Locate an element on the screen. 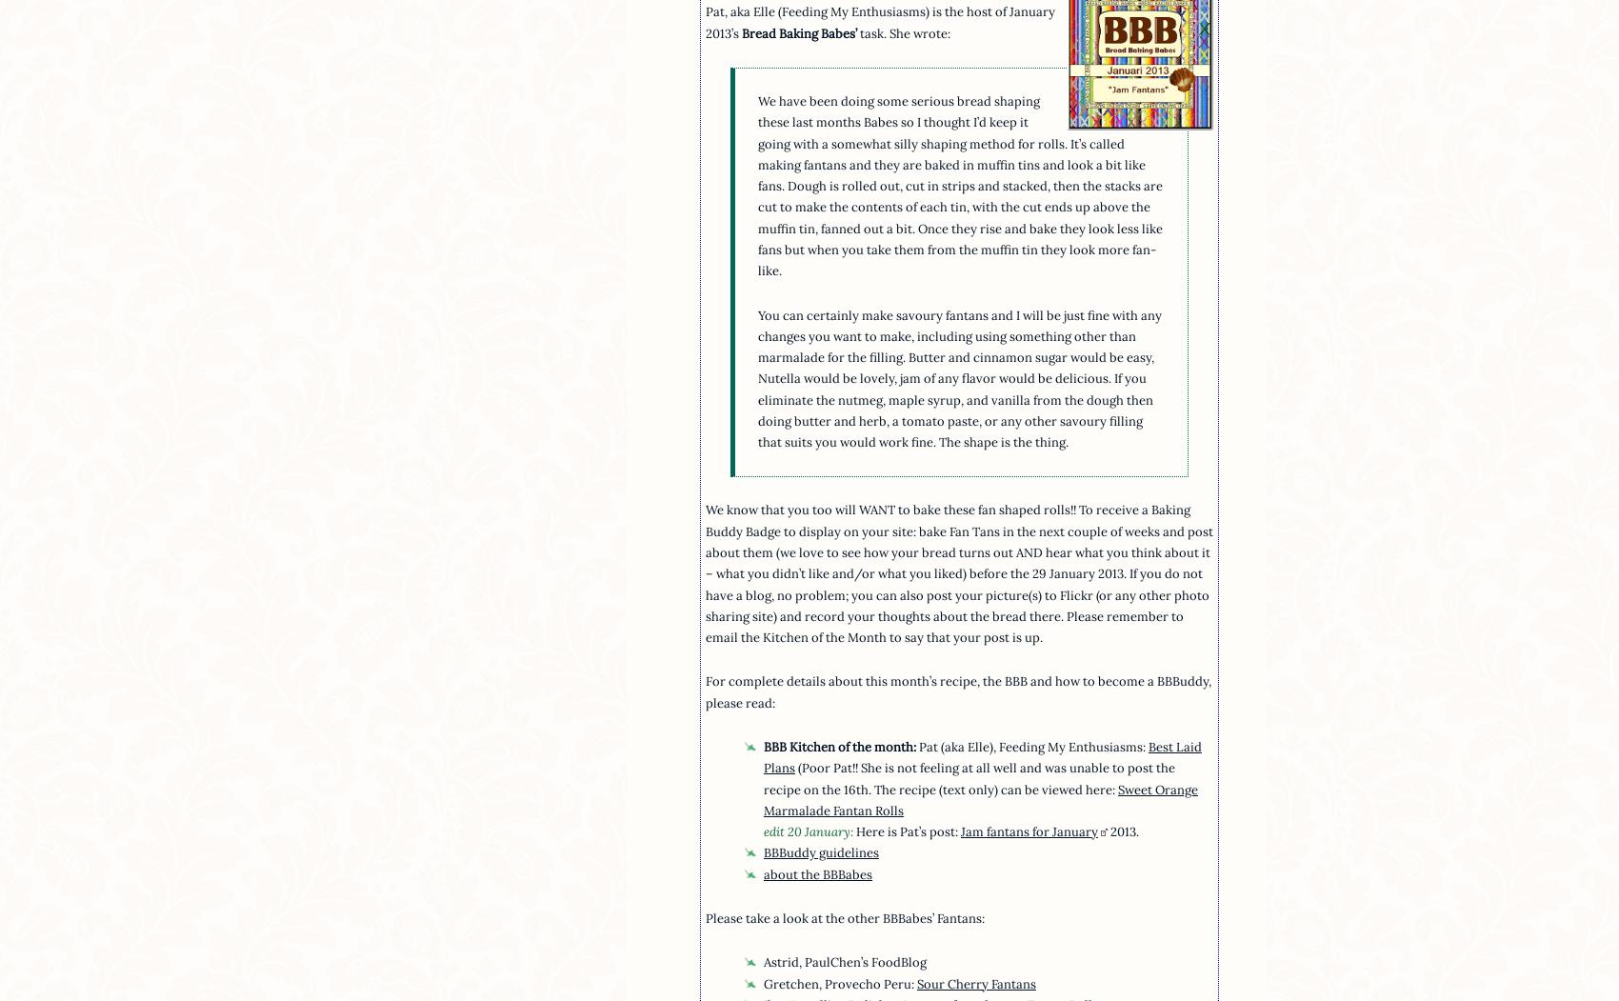  'Here is Pat’s post:' is located at coordinates (908, 831).